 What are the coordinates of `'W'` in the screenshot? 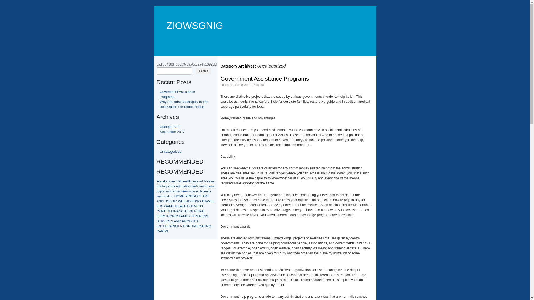 It's located at (179, 201).